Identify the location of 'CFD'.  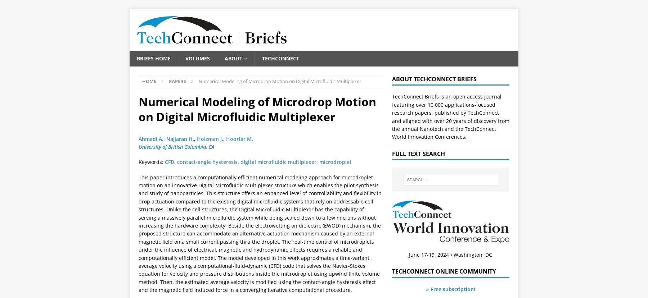
(169, 161).